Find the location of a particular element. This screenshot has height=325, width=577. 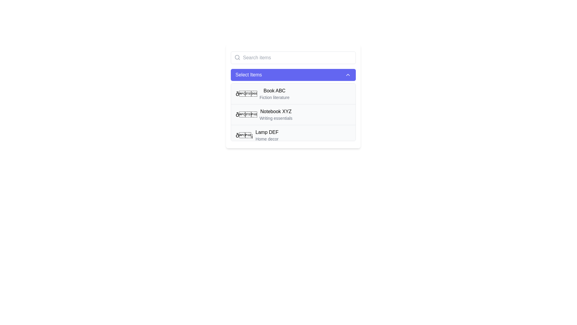

the list item titled 'Lamp DEF' with the subtitle 'Home decor' is located at coordinates (293, 135).